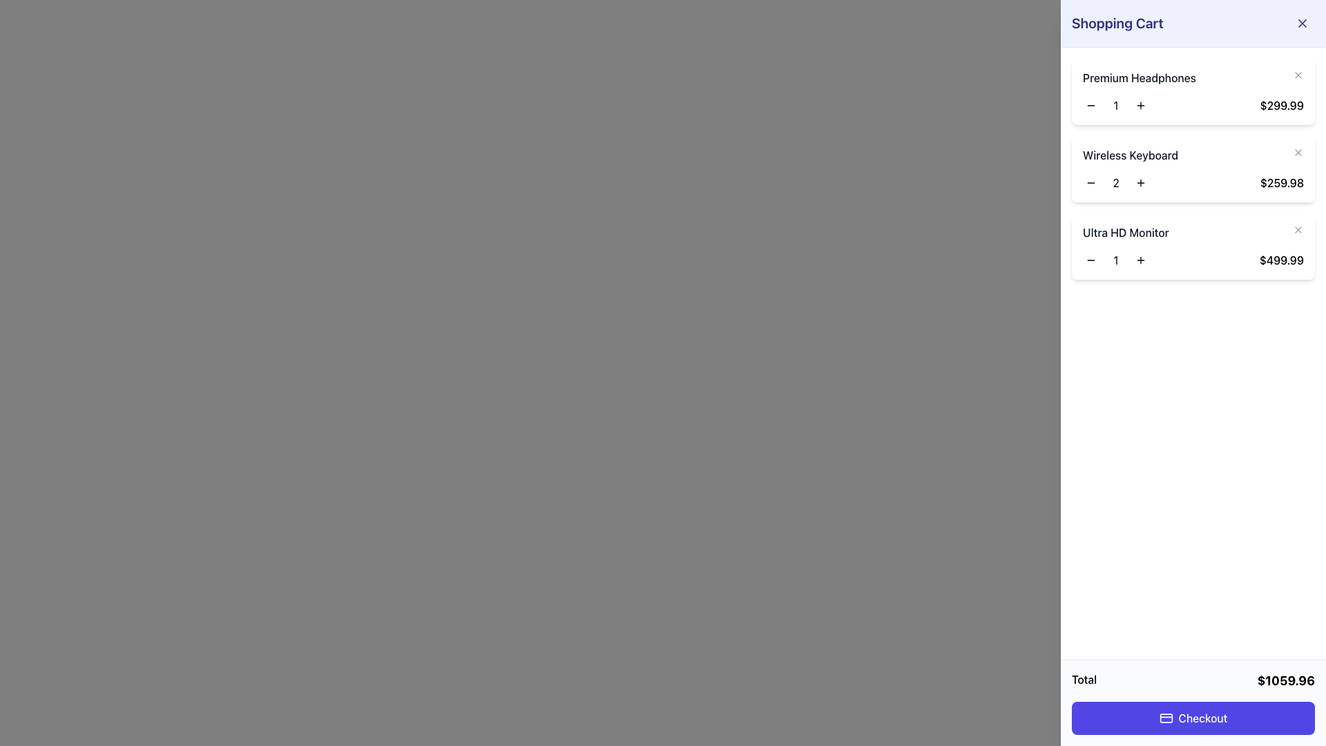  Describe the element at coordinates (1116, 260) in the screenshot. I see `the Numeric display showing the number '1' that is part of the horizontal arrangement for the item 'Ultra HD Monitor'` at that location.